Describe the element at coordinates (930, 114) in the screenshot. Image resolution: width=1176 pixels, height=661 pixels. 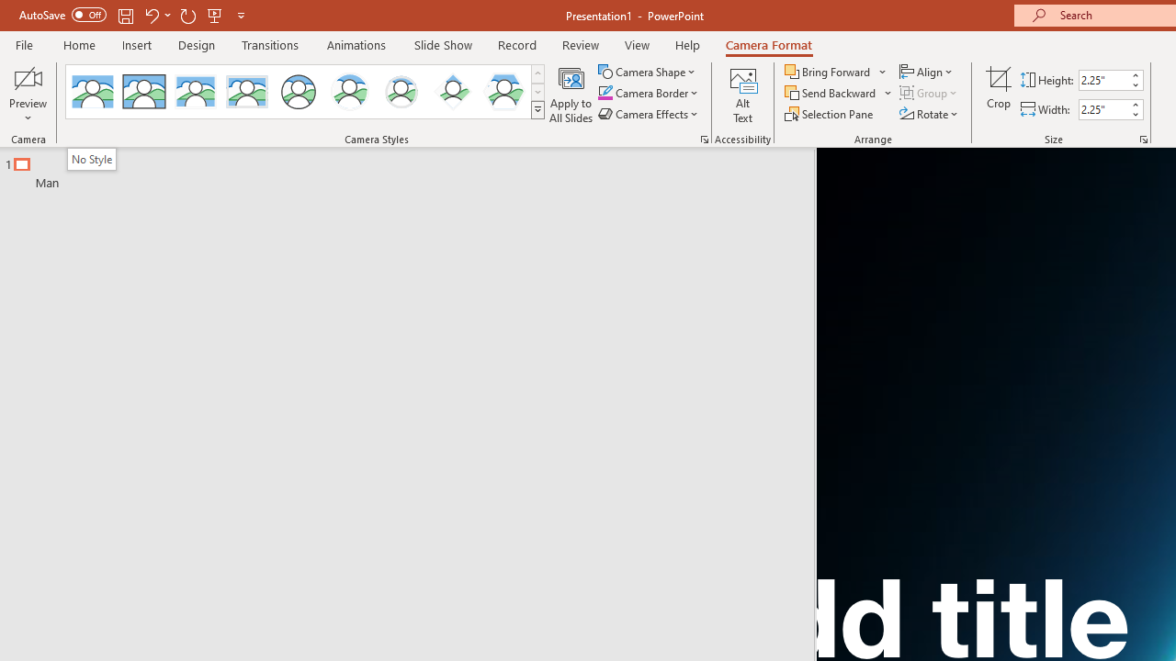
I see `'Rotate'` at that location.